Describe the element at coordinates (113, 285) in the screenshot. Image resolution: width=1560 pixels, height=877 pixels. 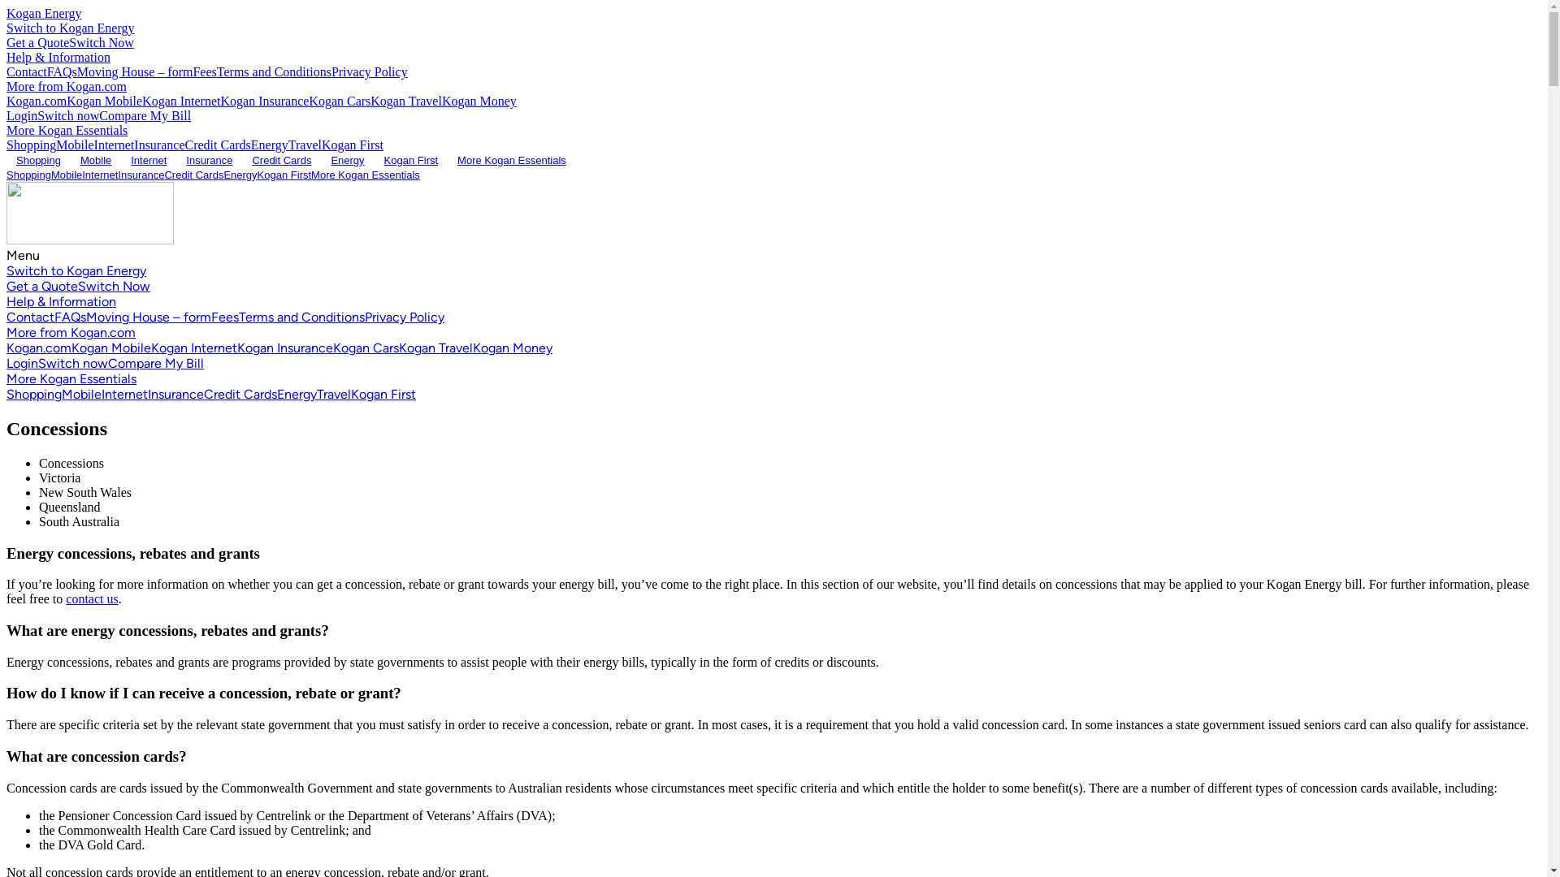
I see `'Switch Now'` at that location.